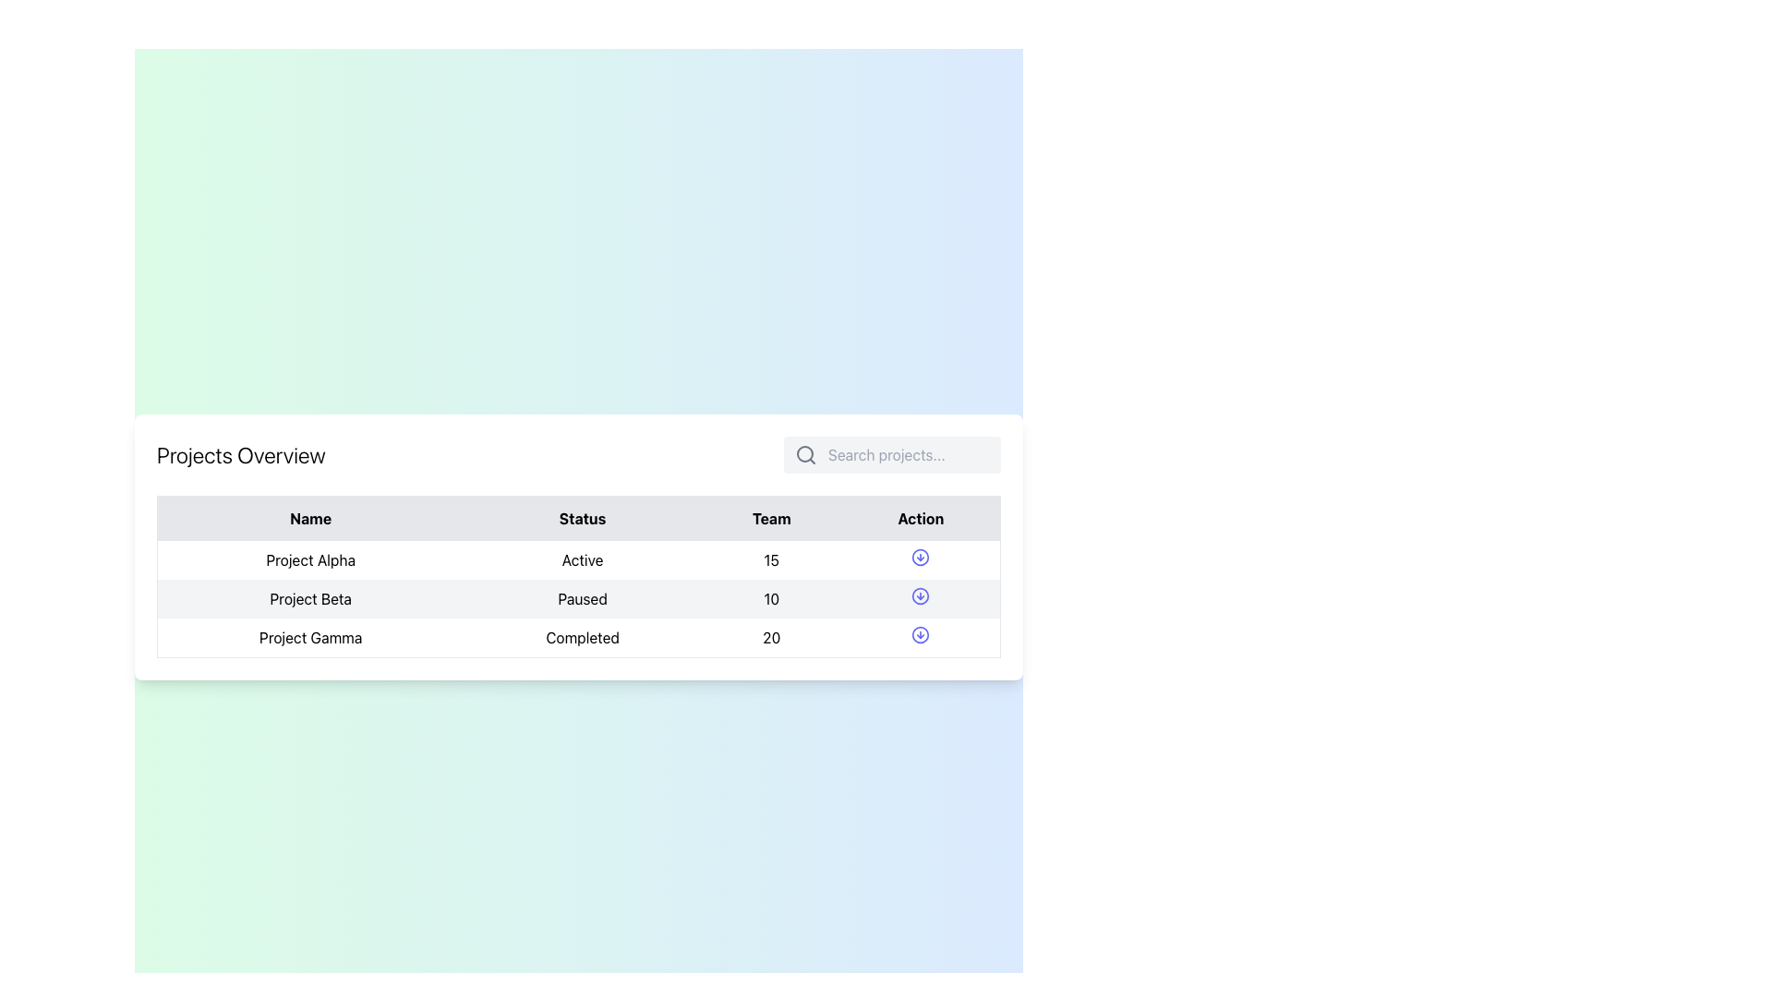 Image resolution: width=1773 pixels, height=997 pixels. What do you see at coordinates (578, 598) in the screenshot?
I see `the second row of the 'Projects Overview' table, which contains the project name 'Project Beta'` at bounding box center [578, 598].